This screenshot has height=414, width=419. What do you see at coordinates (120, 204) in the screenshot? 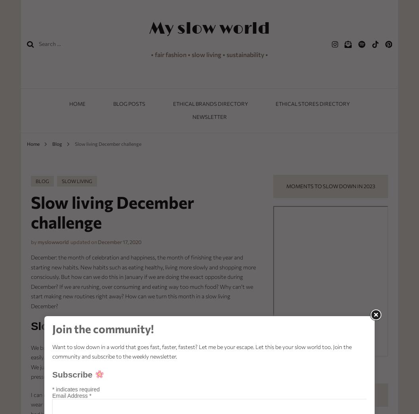
I see `'Get to know…'` at bounding box center [120, 204].